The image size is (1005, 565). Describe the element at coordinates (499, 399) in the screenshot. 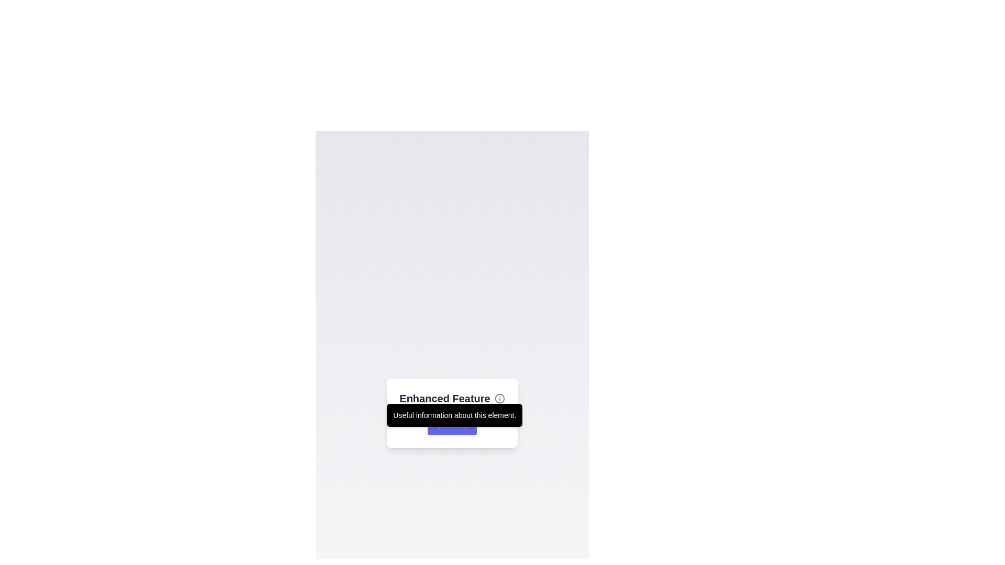

I see `the informational icon represented by a circle component within the SVG, located at the top-right corner of the card layout next to the text 'Enhanced Feature'` at that location.